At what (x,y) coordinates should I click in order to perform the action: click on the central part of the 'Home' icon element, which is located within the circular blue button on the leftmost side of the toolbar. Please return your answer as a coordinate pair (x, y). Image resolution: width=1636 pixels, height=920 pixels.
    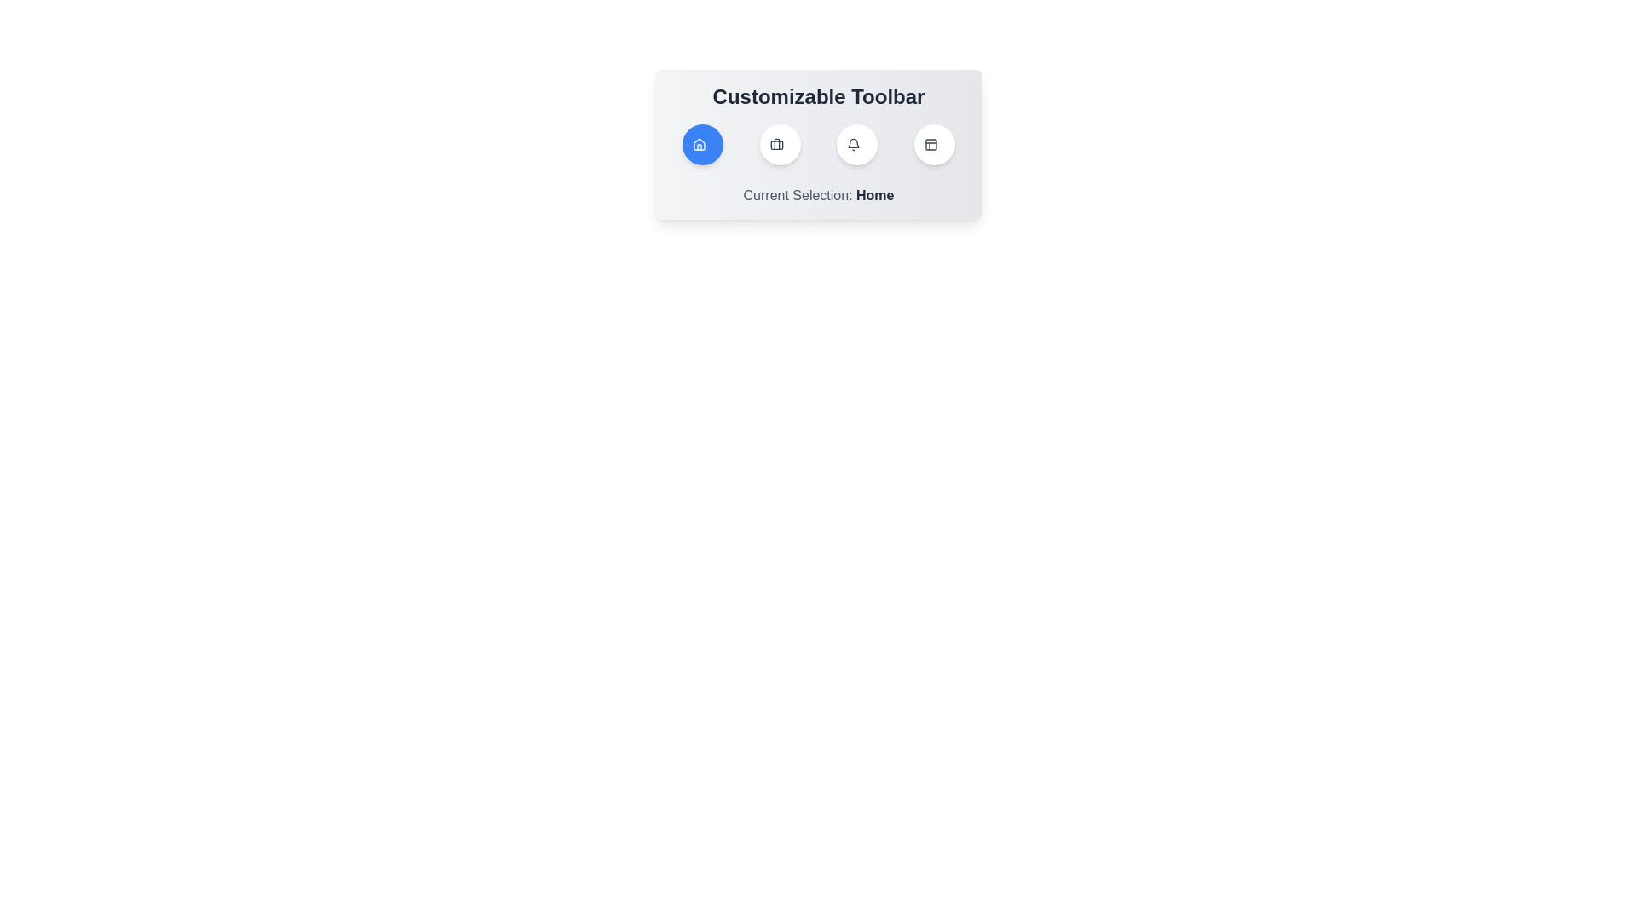
    Looking at the image, I should click on (699, 143).